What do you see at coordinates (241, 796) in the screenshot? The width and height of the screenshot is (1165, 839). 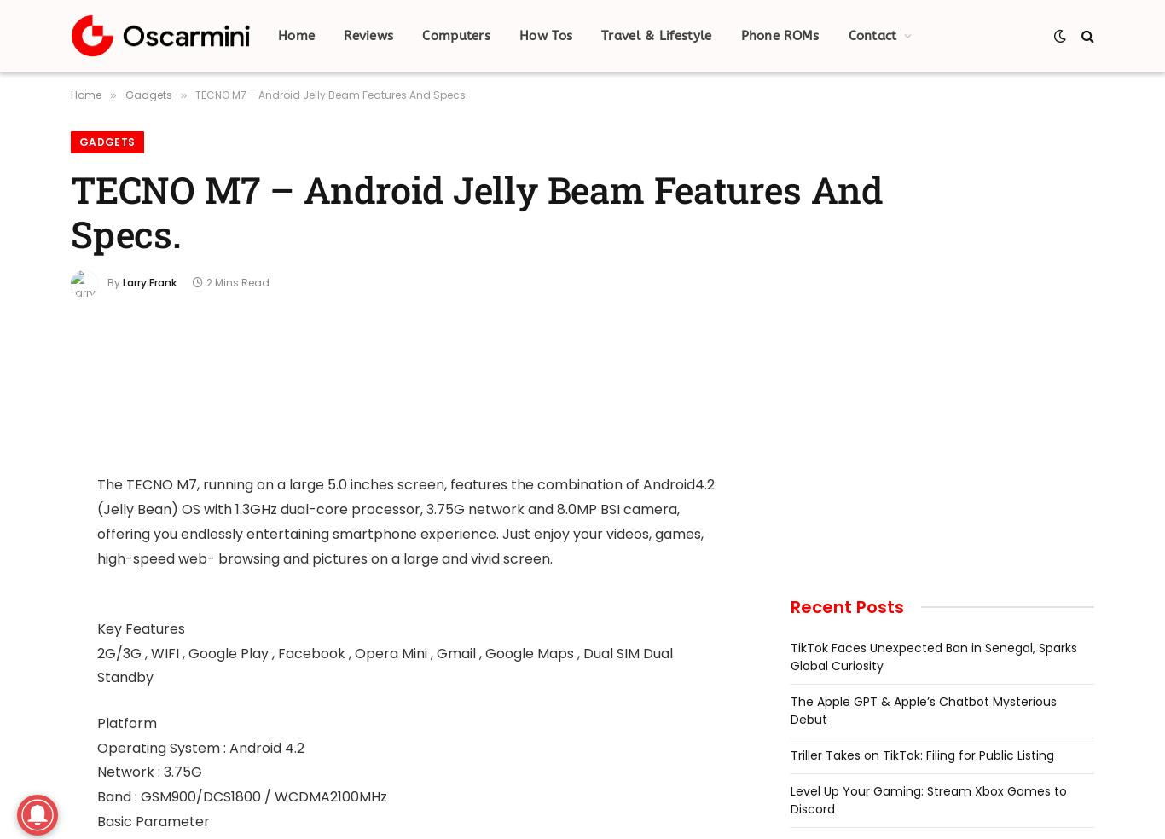 I see `'Band : GSM900/DCS1800 / WCDMA2100MHz'` at bounding box center [241, 796].